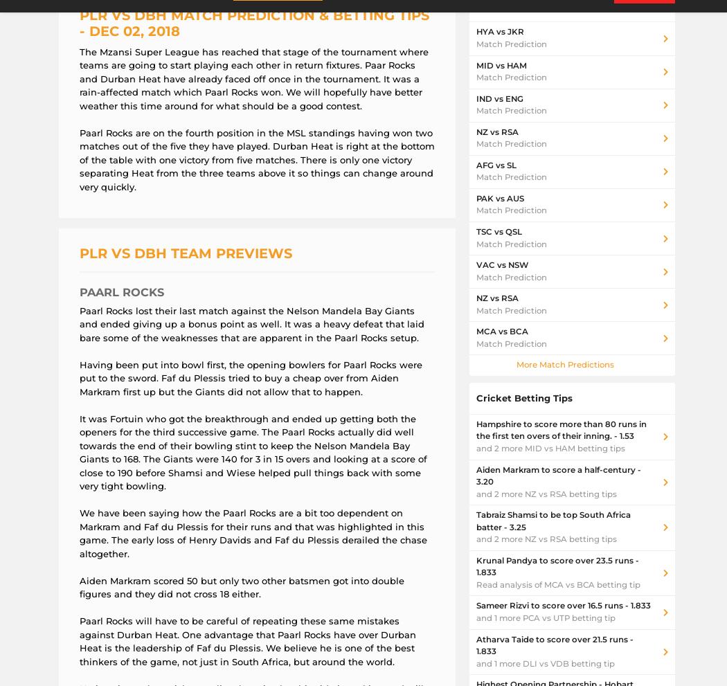  Describe the element at coordinates (562, 605) in the screenshot. I see `'Sameer Rizvi to score over 16.5 runs - 1.833'` at that location.